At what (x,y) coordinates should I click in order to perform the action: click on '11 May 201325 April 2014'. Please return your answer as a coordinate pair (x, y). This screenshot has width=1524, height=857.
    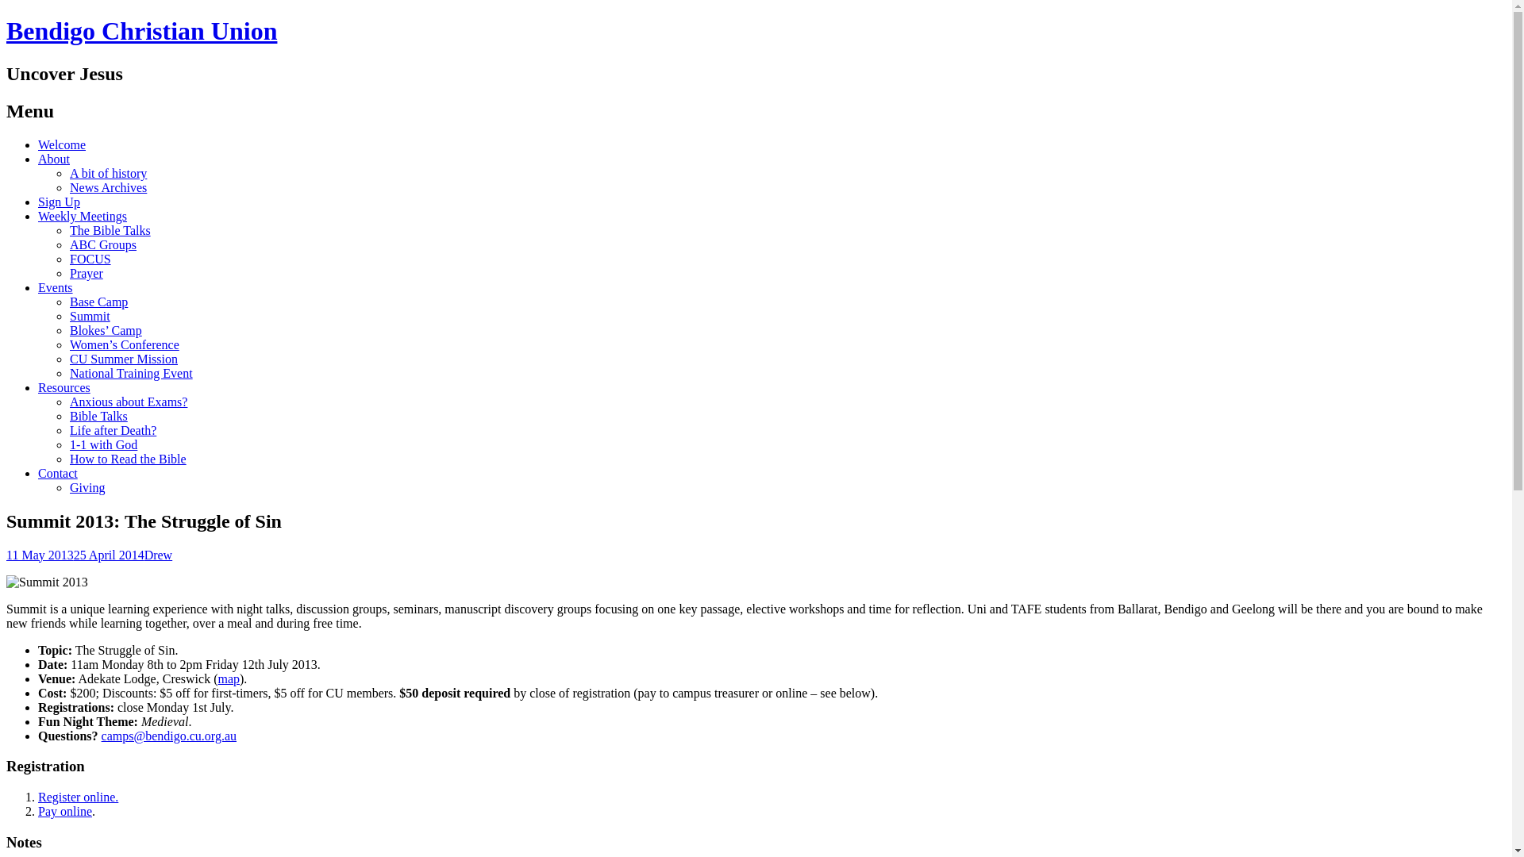
    Looking at the image, I should click on (75, 553).